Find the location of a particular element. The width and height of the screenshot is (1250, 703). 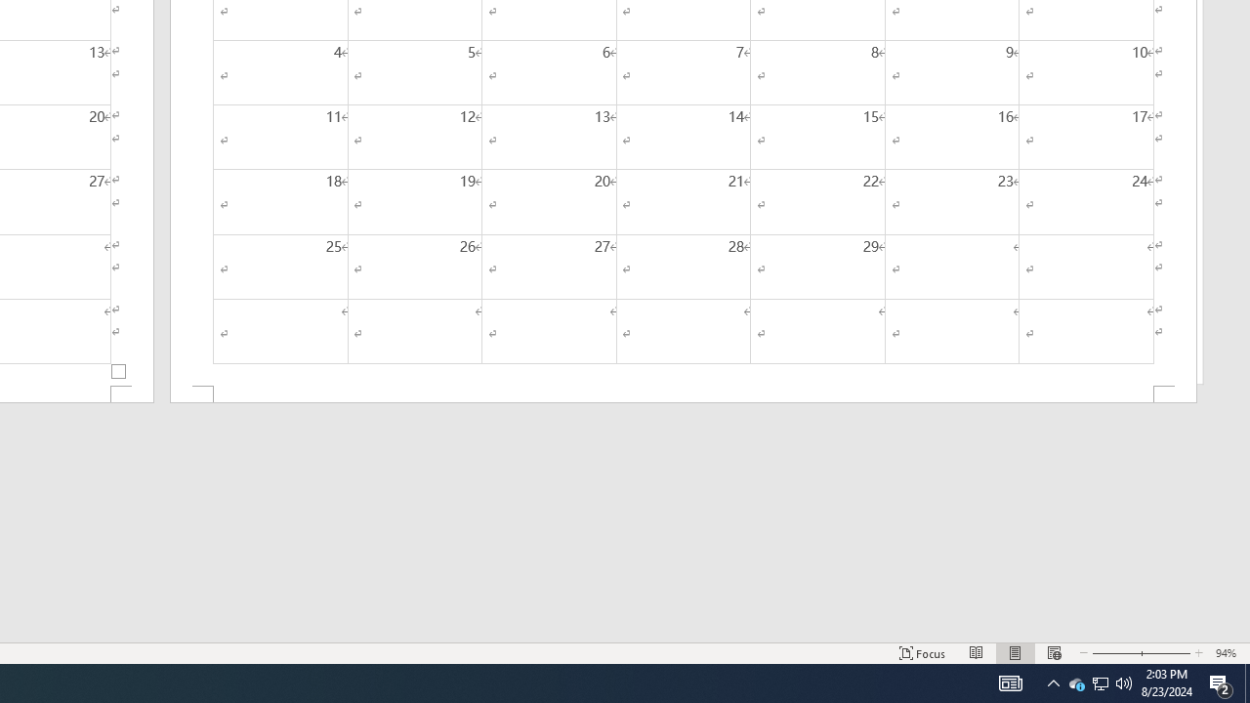

'Print Layout' is located at coordinates (1016, 653).